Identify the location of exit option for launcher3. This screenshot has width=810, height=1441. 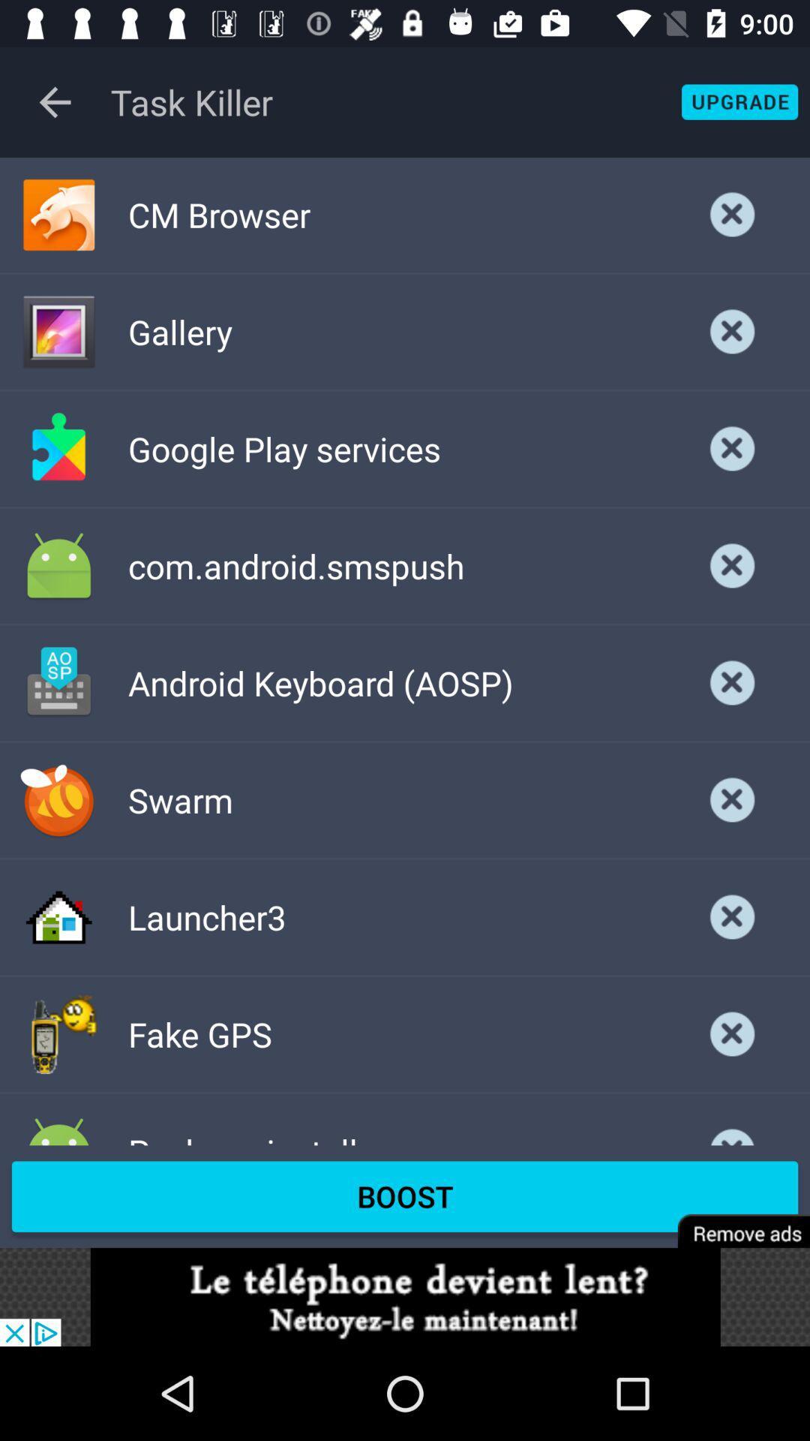
(732, 916).